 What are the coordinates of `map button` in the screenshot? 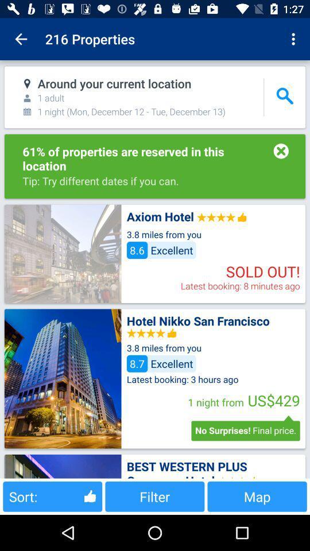 It's located at (257, 496).